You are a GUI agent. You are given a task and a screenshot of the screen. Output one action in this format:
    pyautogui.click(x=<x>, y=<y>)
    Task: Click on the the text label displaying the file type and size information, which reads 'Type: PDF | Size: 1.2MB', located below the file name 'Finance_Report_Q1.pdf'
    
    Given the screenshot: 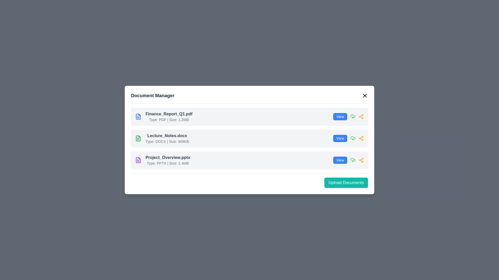 What is the action you would take?
    pyautogui.click(x=169, y=120)
    